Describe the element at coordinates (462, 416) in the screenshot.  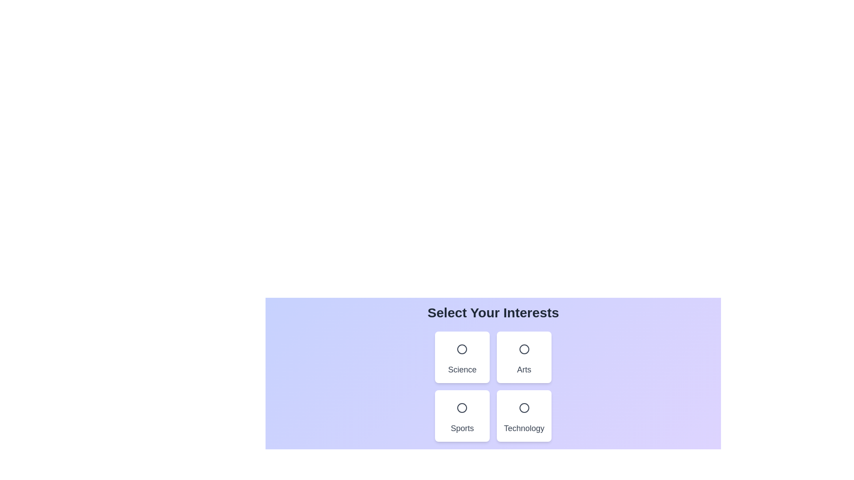
I see `the card representing the Sports category` at that location.